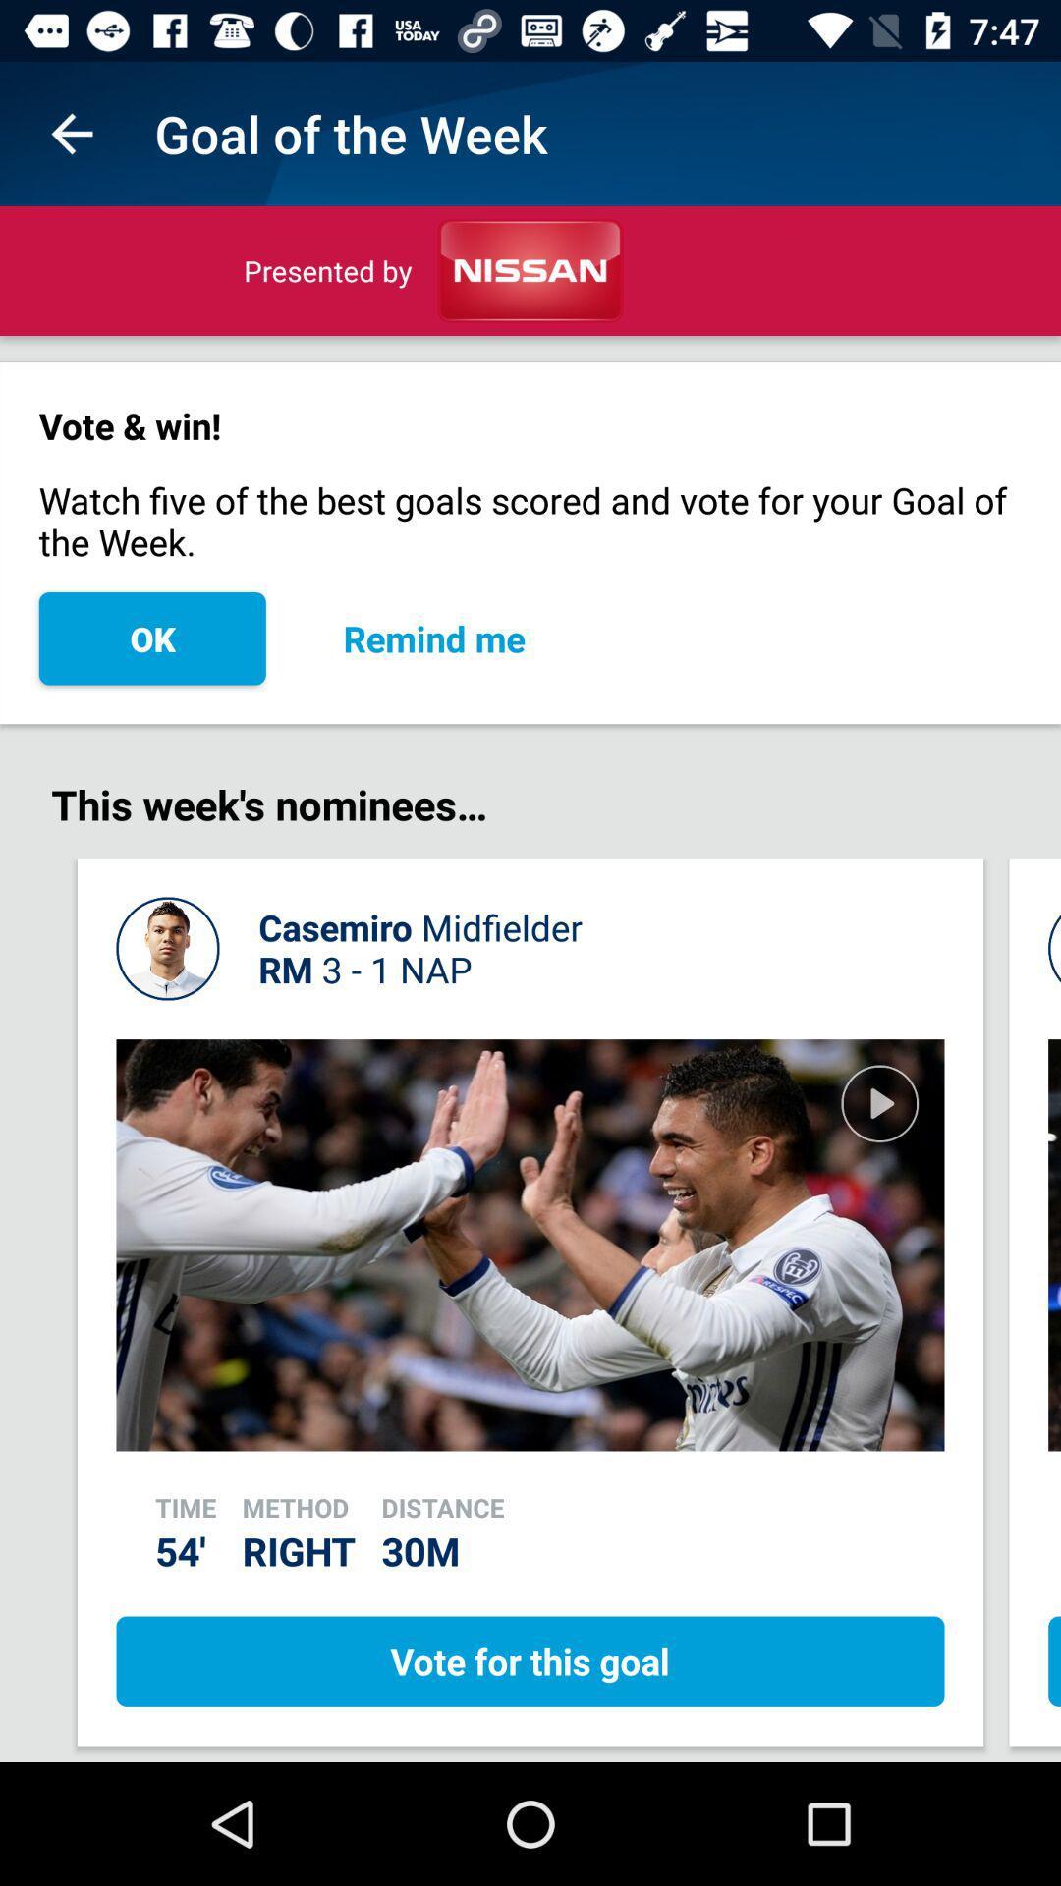 Image resolution: width=1061 pixels, height=1886 pixels. What do you see at coordinates (71, 133) in the screenshot?
I see `the app next to the goal of the icon` at bounding box center [71, 133].